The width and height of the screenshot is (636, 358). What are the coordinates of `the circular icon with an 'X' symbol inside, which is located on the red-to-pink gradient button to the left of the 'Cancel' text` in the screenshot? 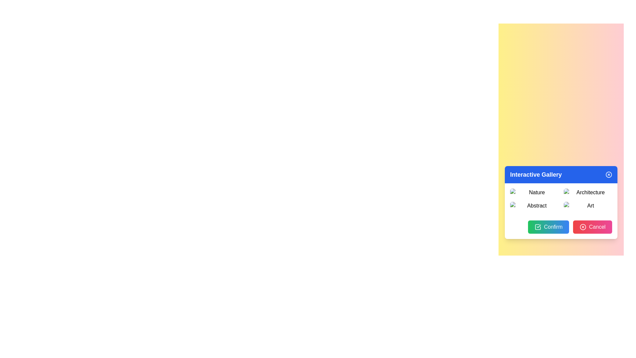 It's located at (583, 227).